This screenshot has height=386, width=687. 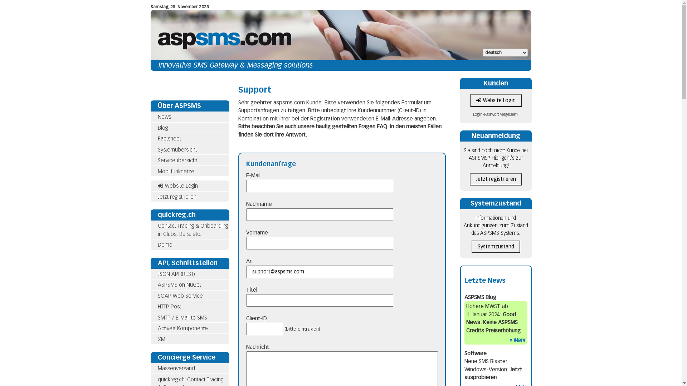 I want to click on 'Systemzustand', so click(x=495, y=203).